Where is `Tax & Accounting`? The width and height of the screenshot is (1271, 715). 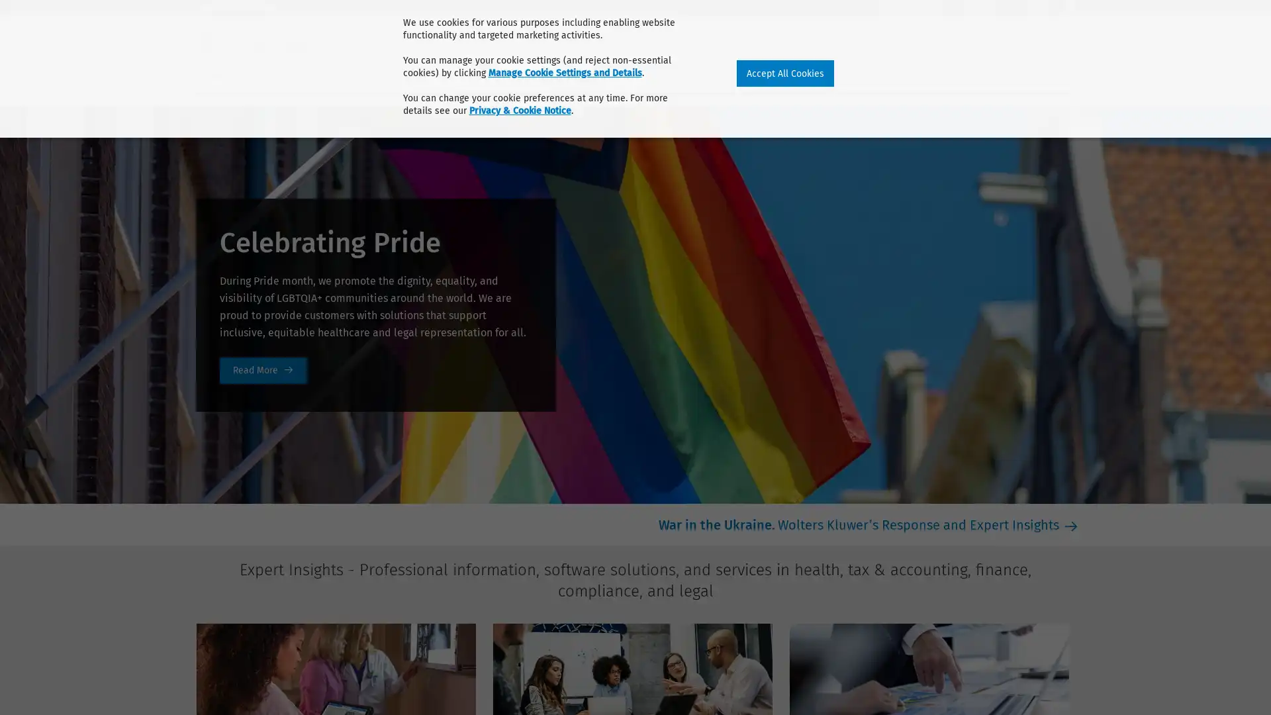
Tax & Accounting is located at coordinates (314, 74).